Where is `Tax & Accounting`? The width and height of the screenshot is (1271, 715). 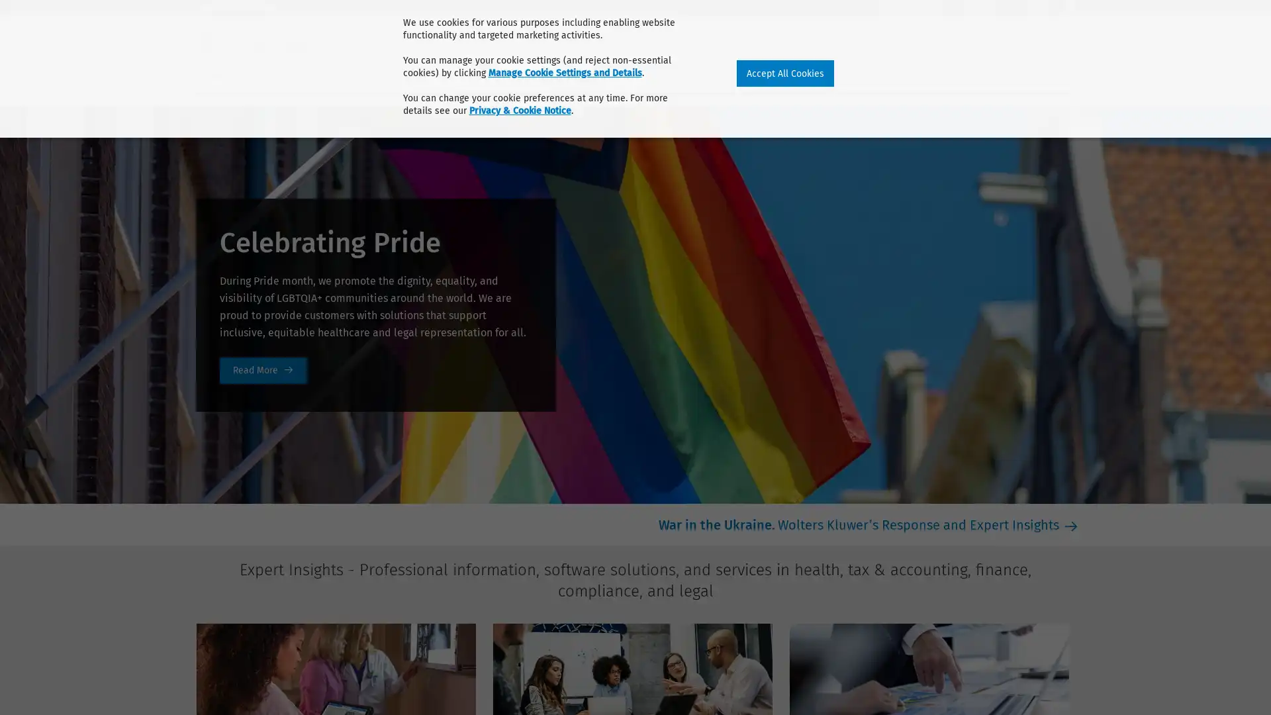
Tax & Accounting is located at coordinates (314, 74).